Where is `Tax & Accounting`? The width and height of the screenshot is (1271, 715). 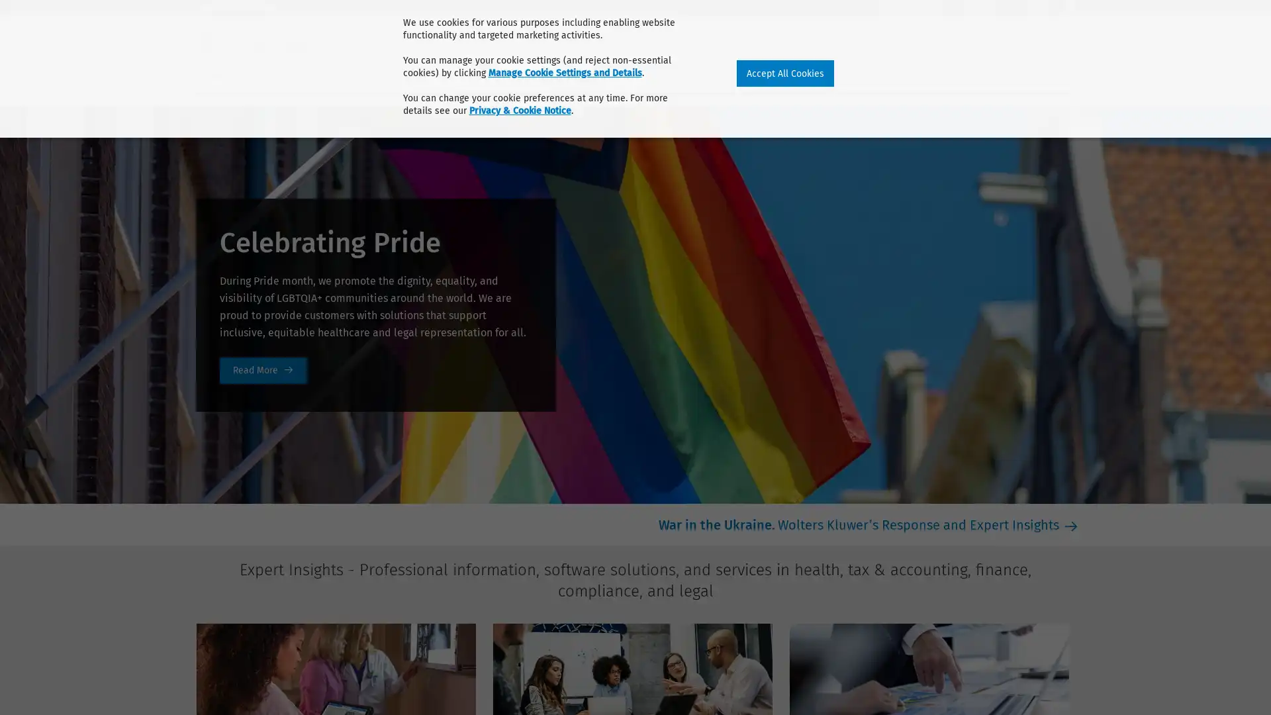
Tax & Accounting is located at coordinates (314, 74).